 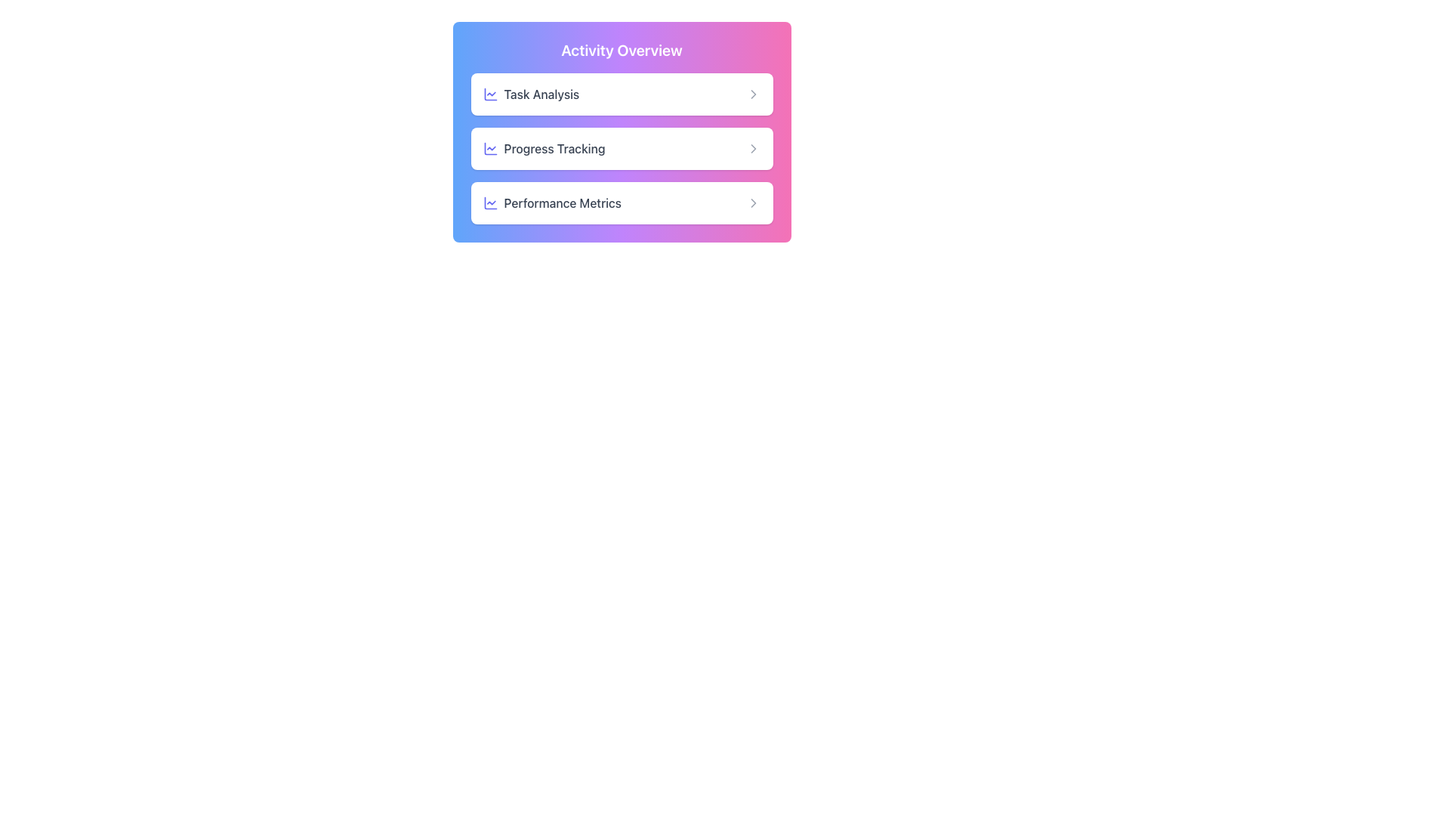 What do you see at coordinates (544, 148) in the screenshot?
I see `the 'Progress Tracking' text label which is displayed in a medium-sized gray font, accompanied by a small indigo-colored chart icon, located under the 'Activity Overview' section` at bounding box center [544, 148].